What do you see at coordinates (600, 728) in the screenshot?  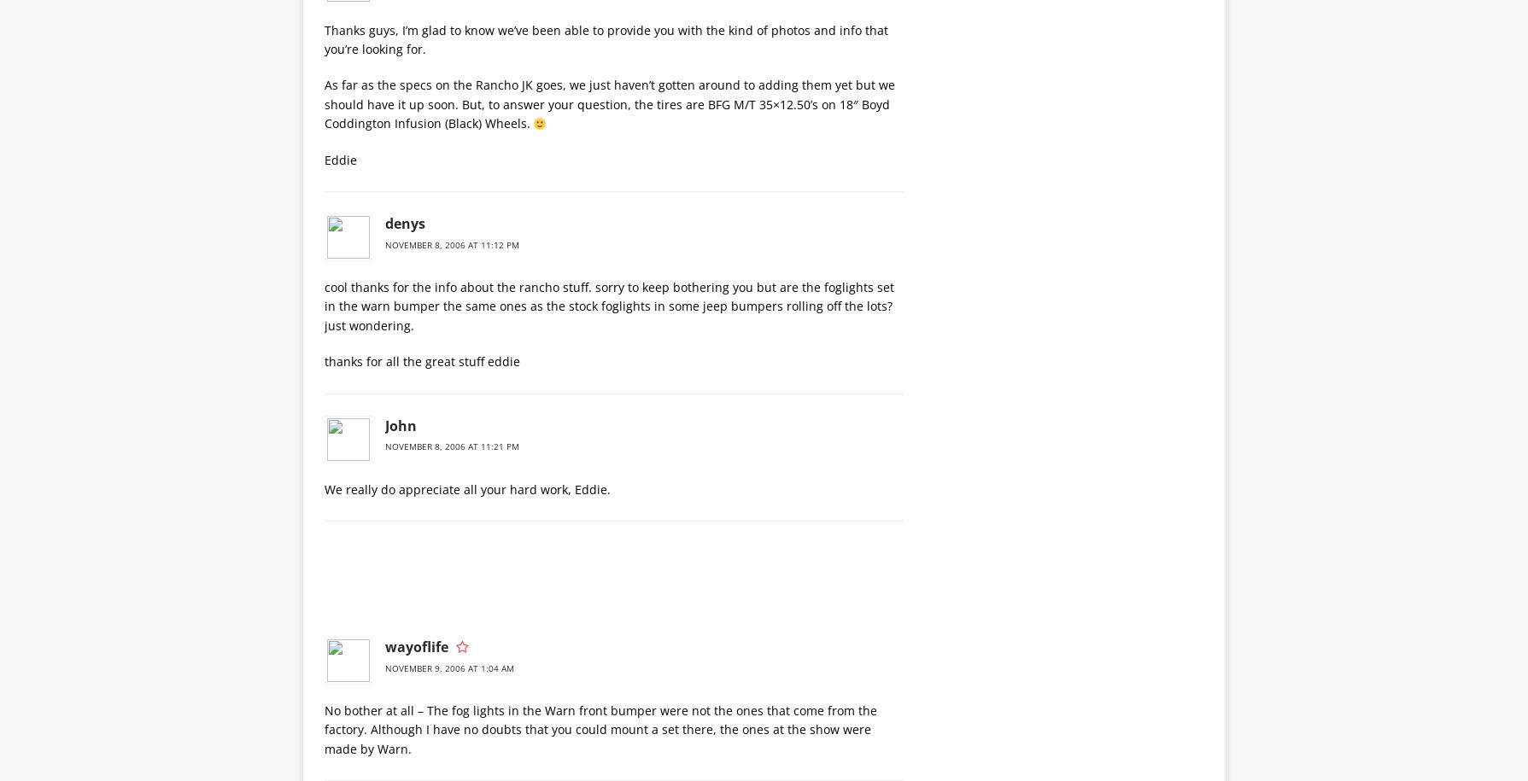 I see `'No bother at all – The fog lights in the Warn front bumper were not the ones that come from the factory.  Although I have no doubts that you could mount a set there, the ones at the show were made by Warn.'` at bounding box center [600, 728].